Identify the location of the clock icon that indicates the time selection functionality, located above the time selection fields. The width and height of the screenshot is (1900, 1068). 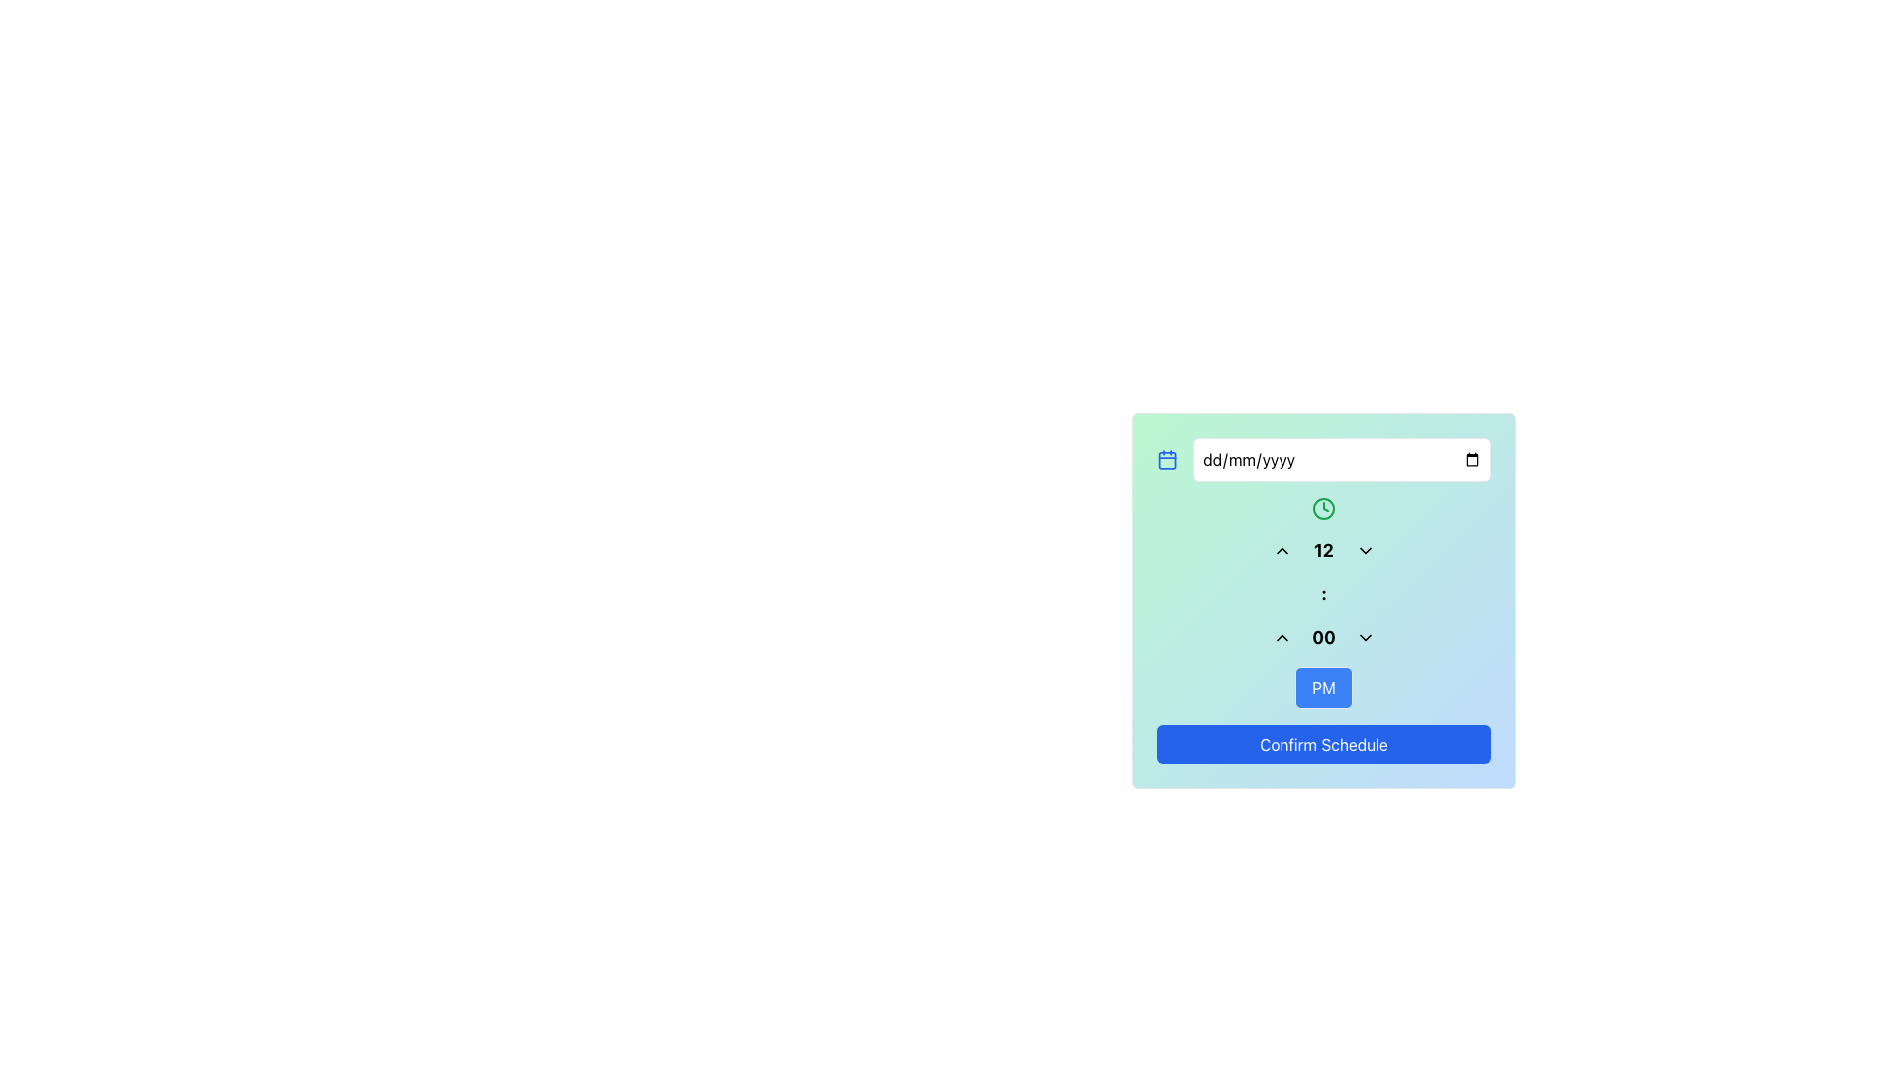
(1324, 508).